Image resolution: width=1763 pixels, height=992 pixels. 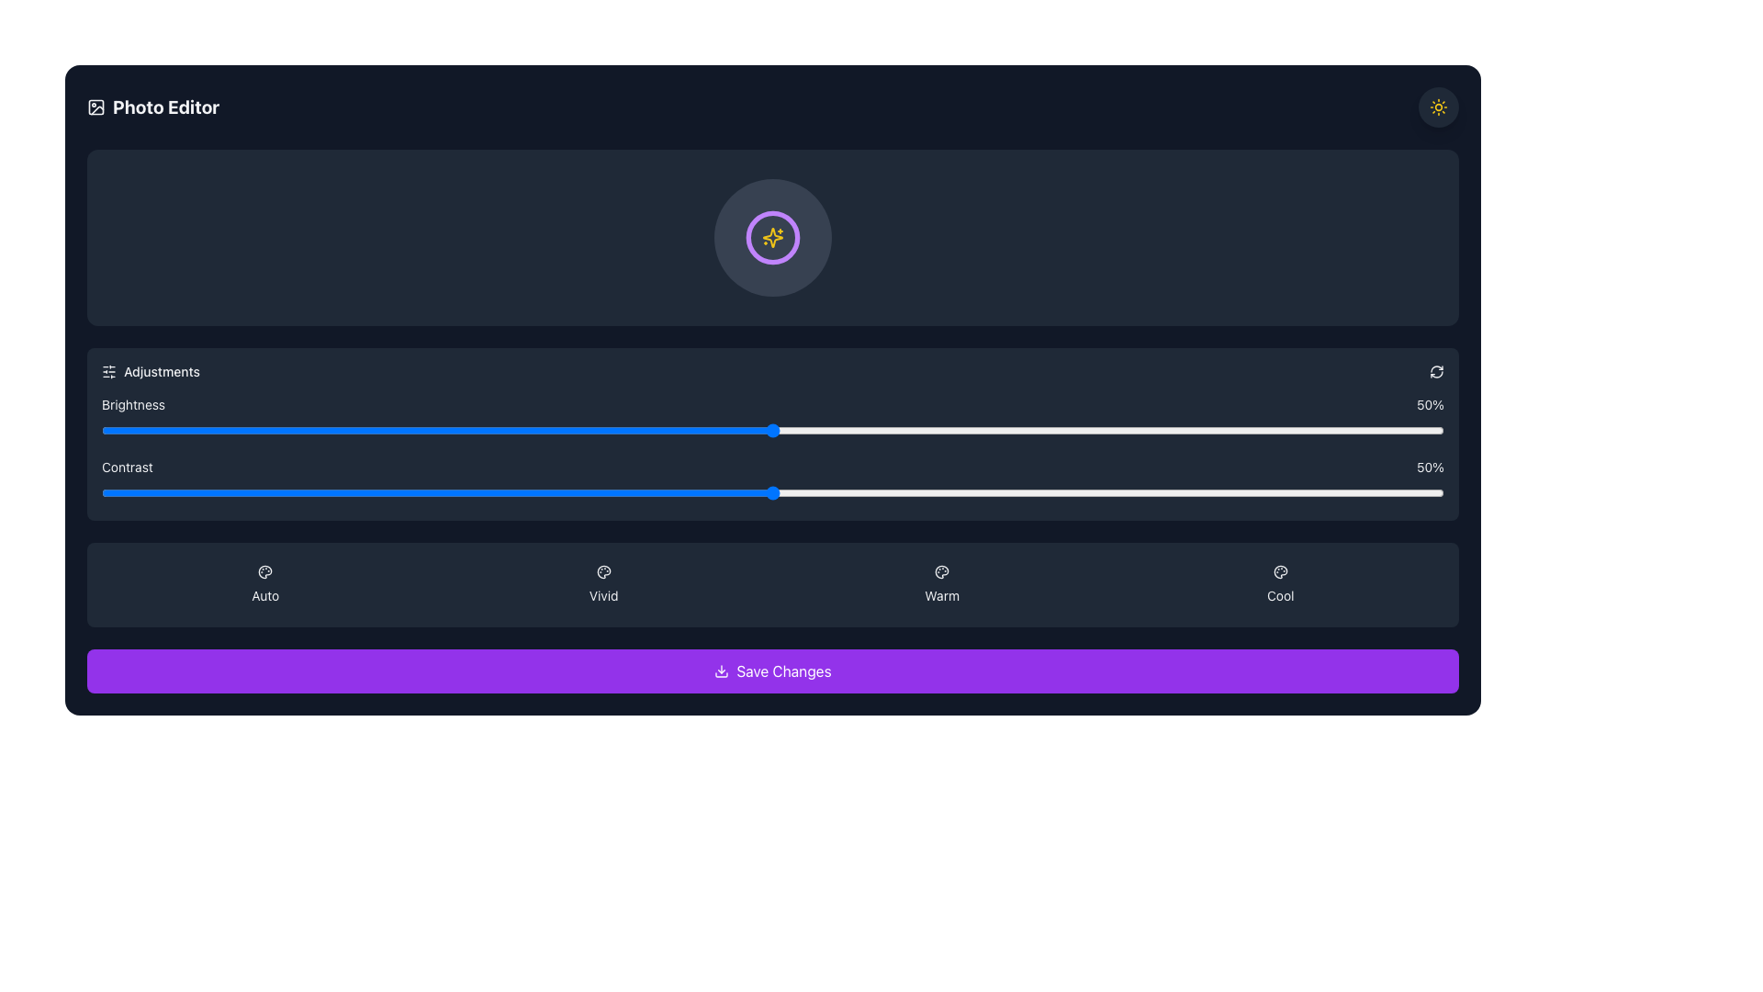 I want to click on contrast, so click(x=948, y=491).